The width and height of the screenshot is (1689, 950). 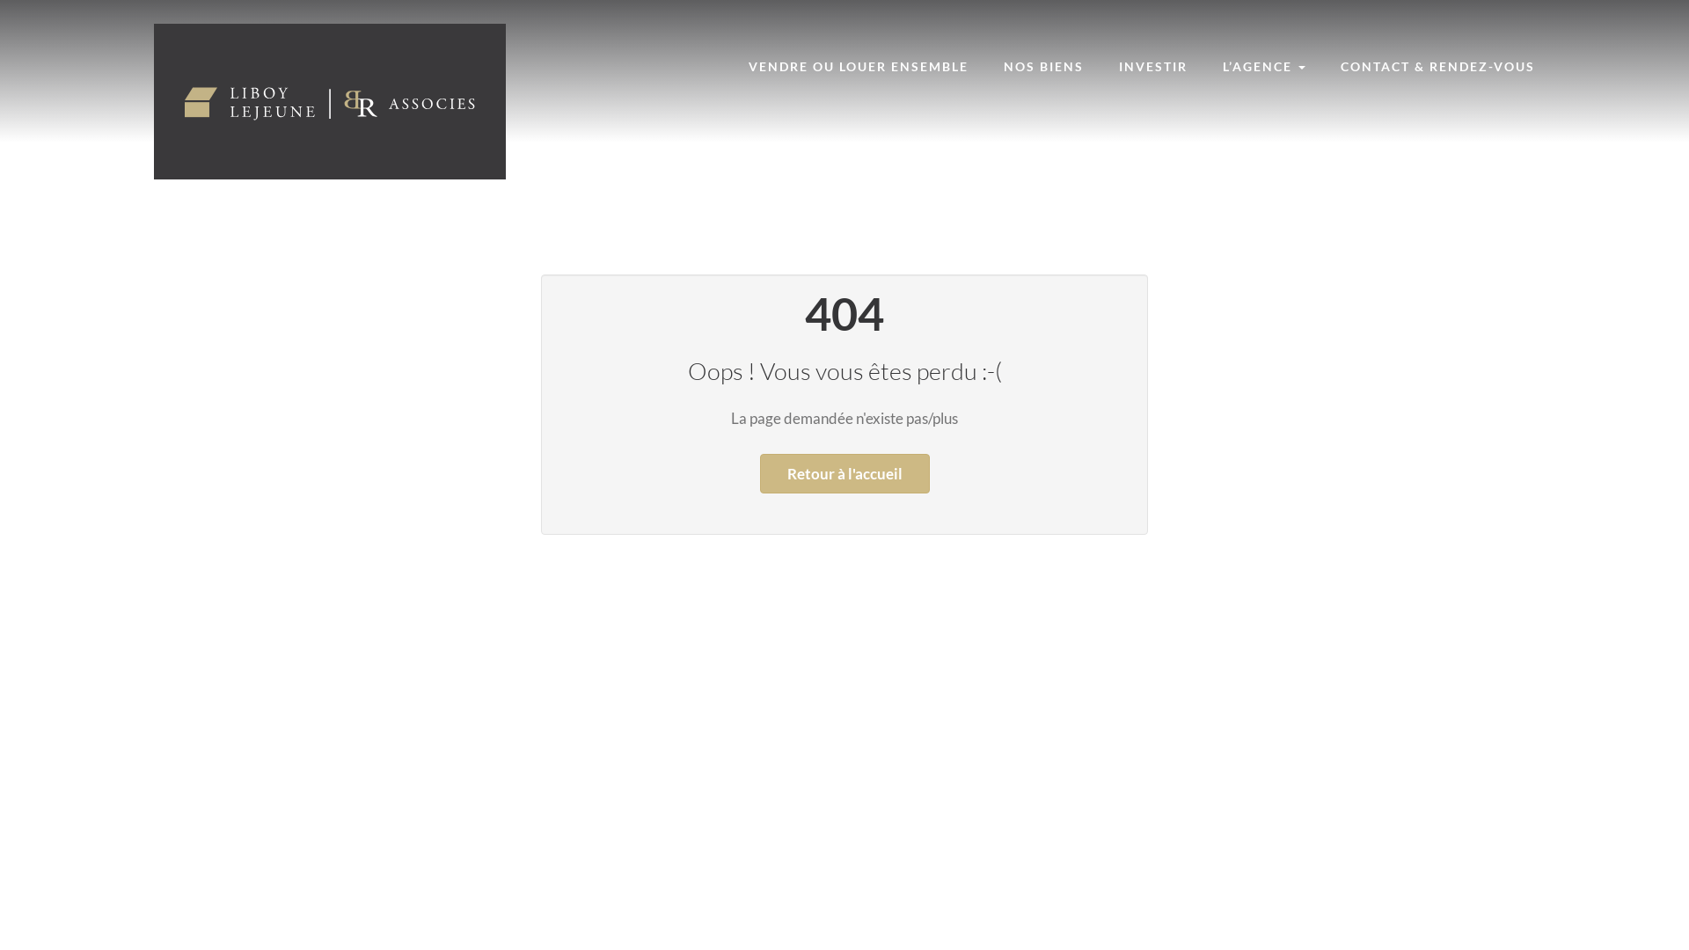 What do you see at coordinates (1437, 65) in the screenshot?
I see `'CONTACT & RENDEZ-VOUS'` at bounding box center [1437, 65].